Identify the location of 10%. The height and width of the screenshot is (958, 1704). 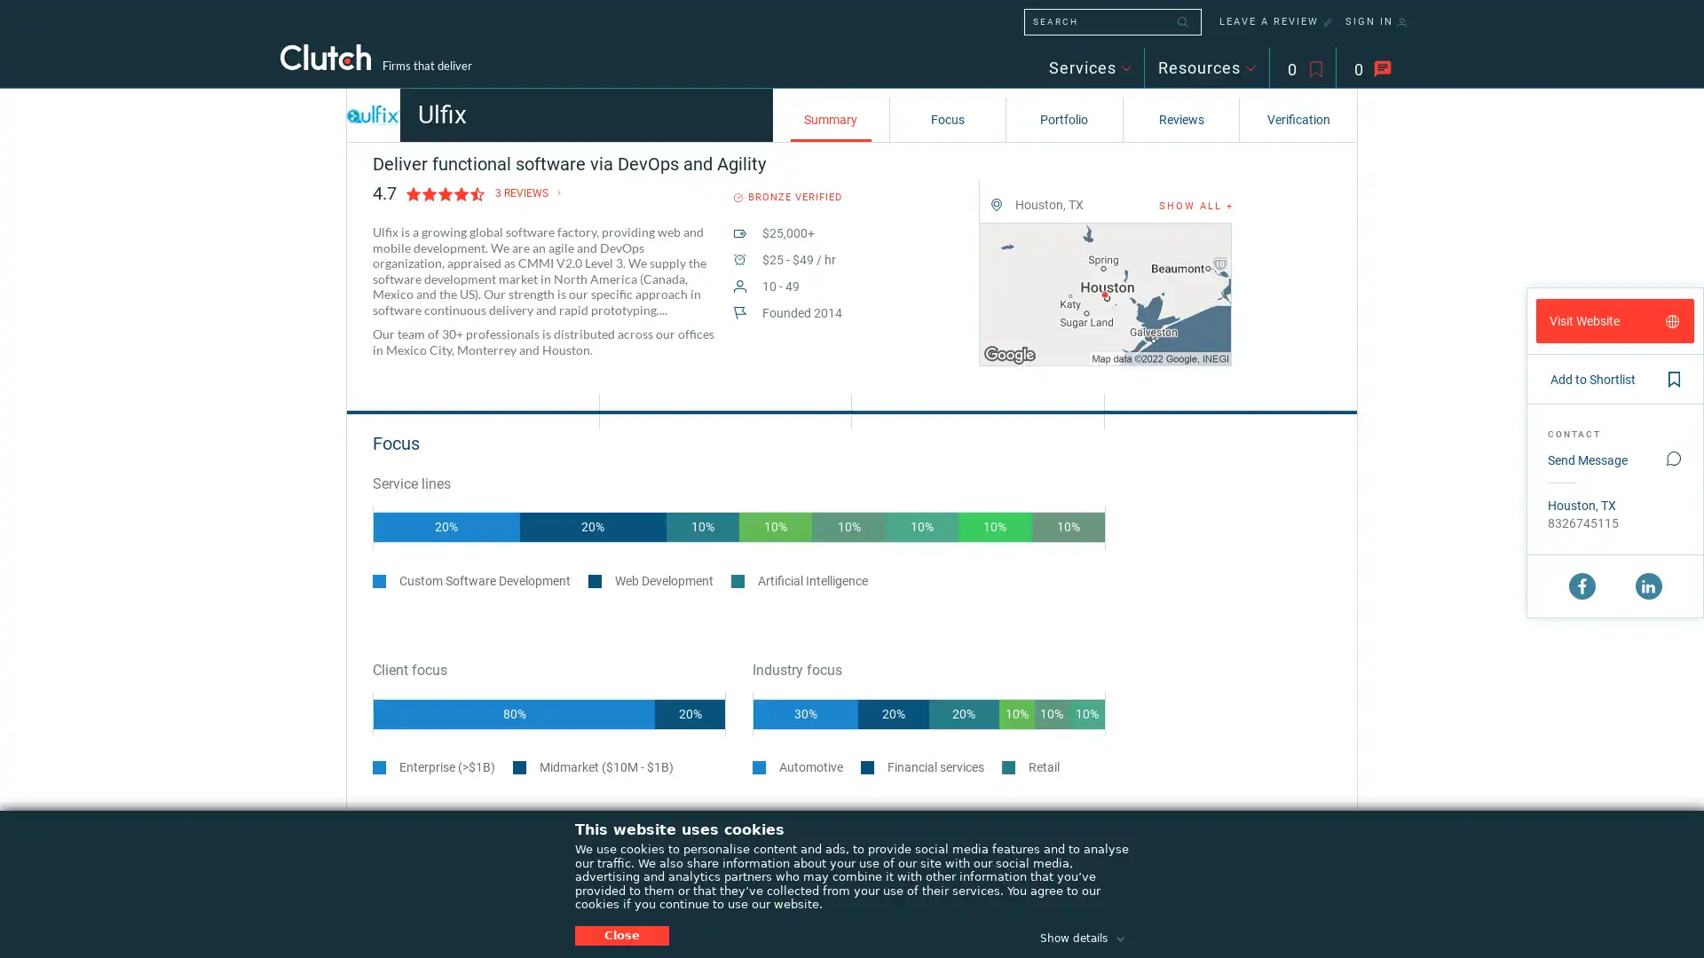
(921, 526).